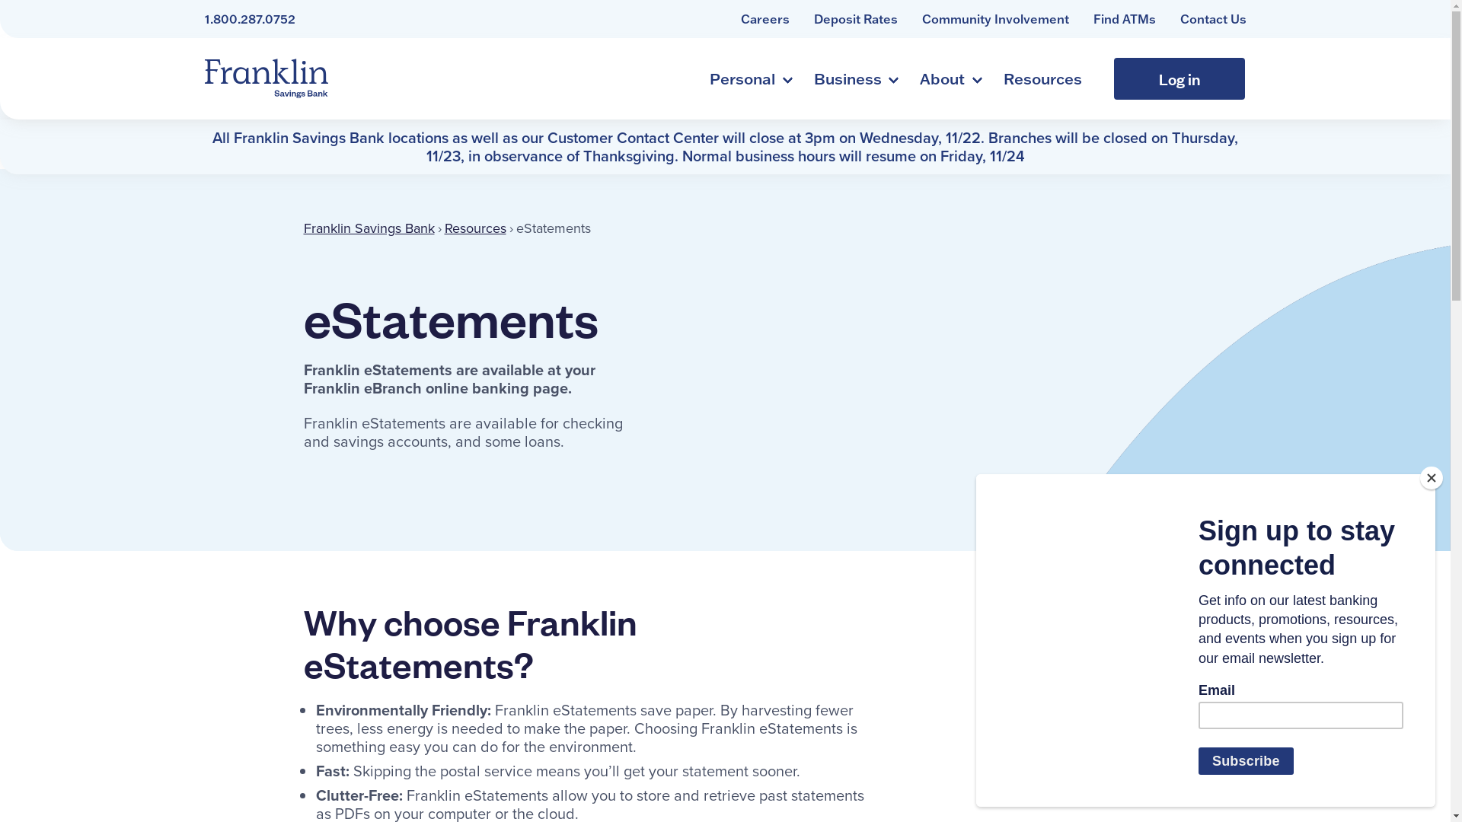 This screenshot has width=1462, height=822. What do you see at coordinates (855, 18) in the screenshot?
I see `'Deposit Rates'` at bounding box center [855, 18].